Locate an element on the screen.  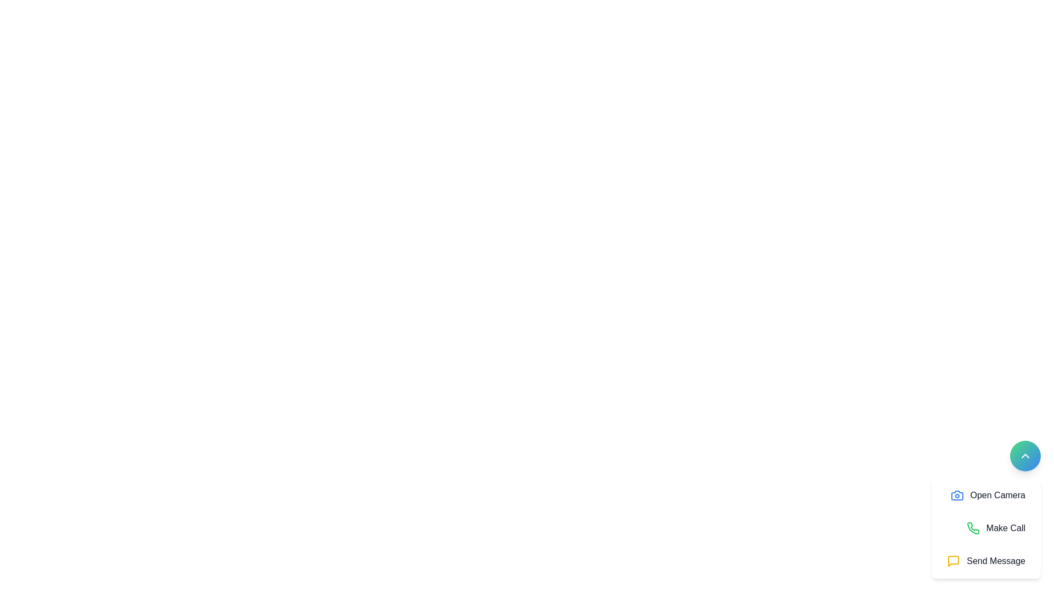
the 'Open Camera' button, which is a blue camera icon button with rounded corners located at the top of a group of buttons within a white card is located at coordinates (988, 495).